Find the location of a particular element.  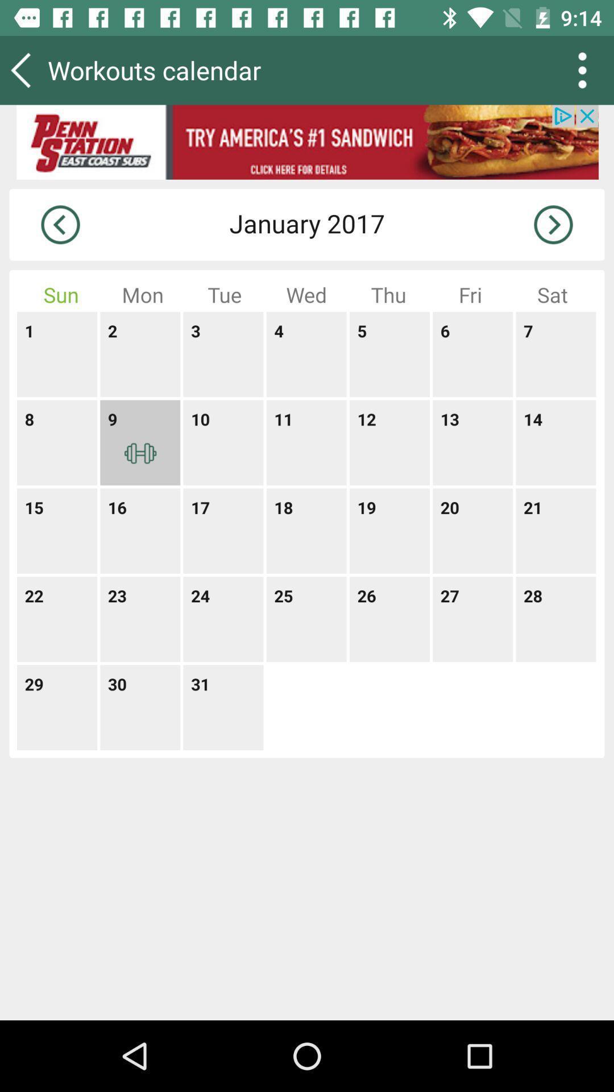

advertisement for sandwich is located at coordinates (307, 142).